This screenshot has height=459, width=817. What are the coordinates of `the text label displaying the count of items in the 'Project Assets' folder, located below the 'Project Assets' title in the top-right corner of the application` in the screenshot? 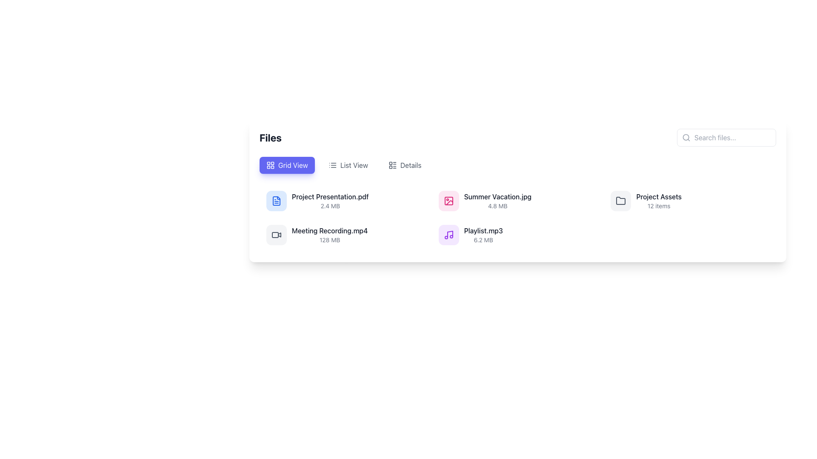 It's located at (658, 206).